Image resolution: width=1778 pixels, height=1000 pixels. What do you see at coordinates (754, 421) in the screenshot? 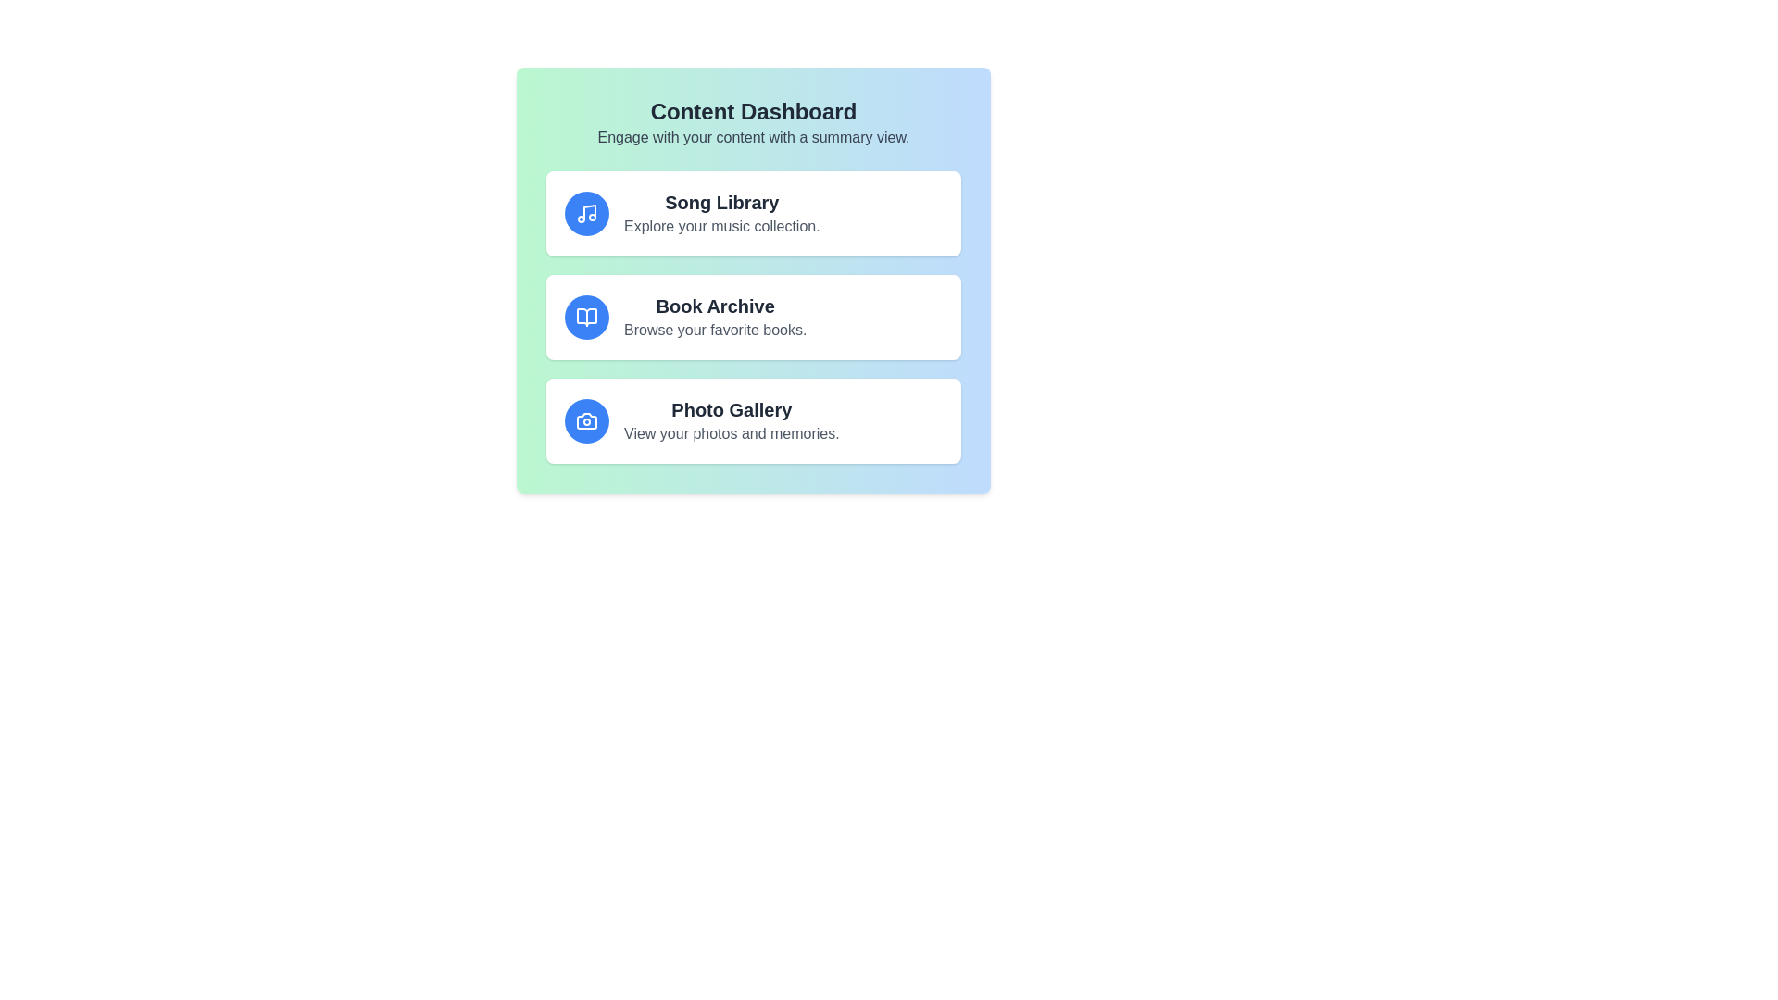
I see `the item Photo Gallery to see the hover effect` at bounding box center [754, 421].